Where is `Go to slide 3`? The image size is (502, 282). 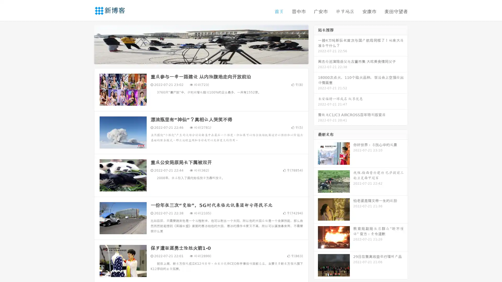
Go to slide 3 is located at coordinates (206, 59).